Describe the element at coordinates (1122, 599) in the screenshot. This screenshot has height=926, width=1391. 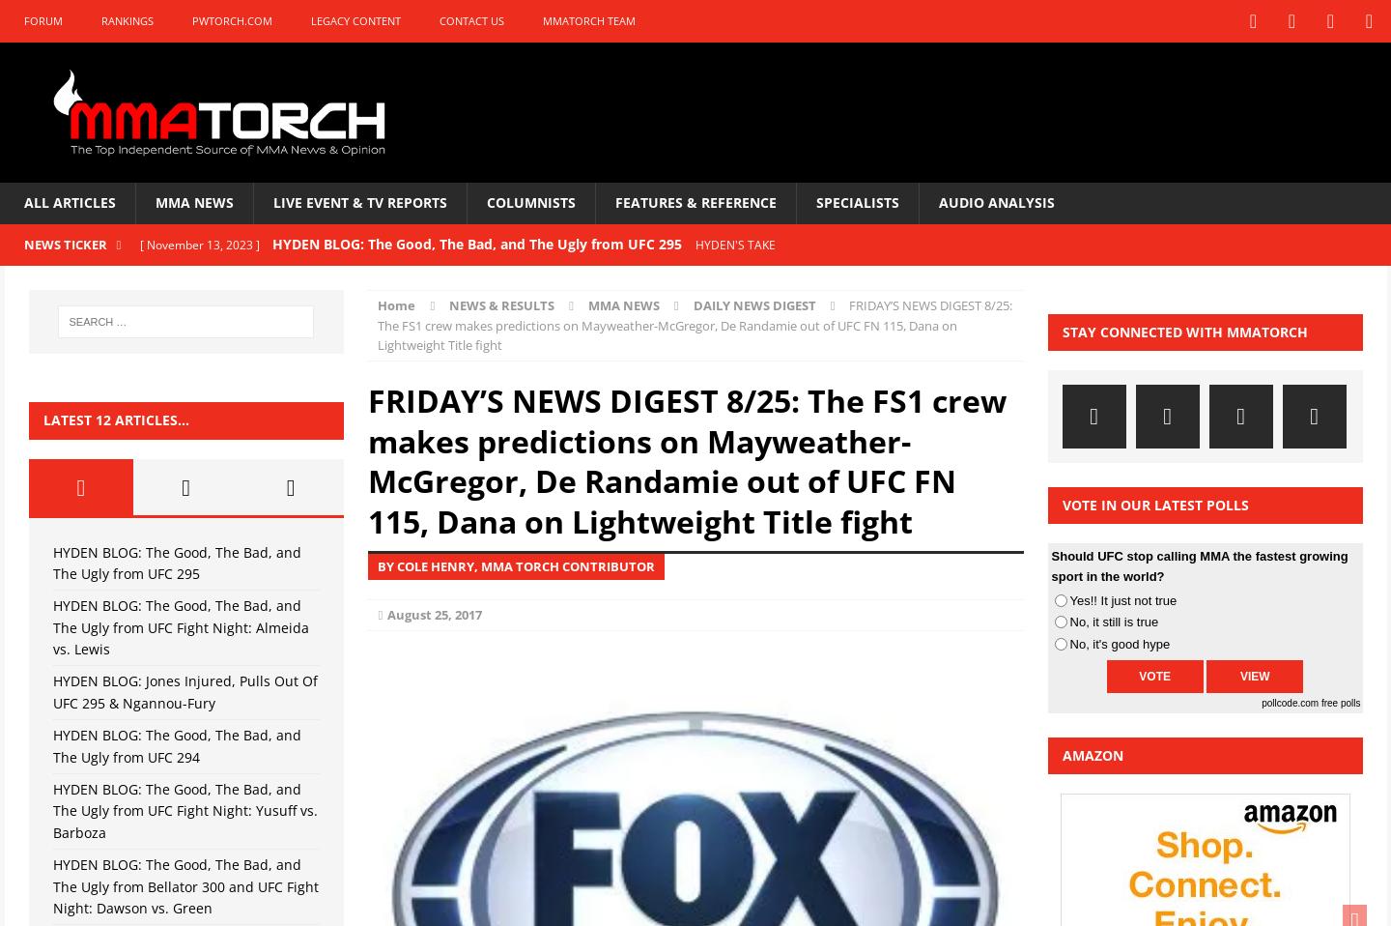
I see `'Yes!! It just not true'` at that location.